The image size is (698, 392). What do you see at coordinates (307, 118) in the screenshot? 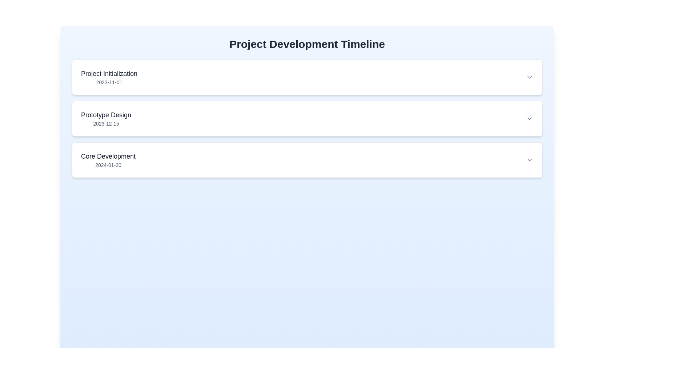
I see `the second list item displaying a project milestone or task with its name and date` at bounding box center [307, 118].